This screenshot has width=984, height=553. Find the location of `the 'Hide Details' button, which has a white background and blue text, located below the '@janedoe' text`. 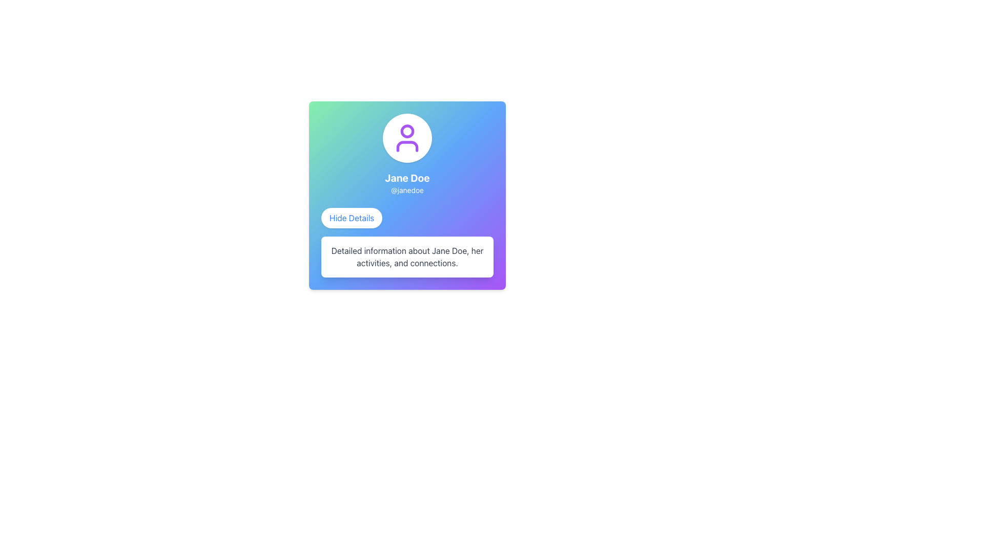

the 'Hide Details' button, which has a white background and blue text, located below the '@janedoe' text is located at coordinates (352, 217).